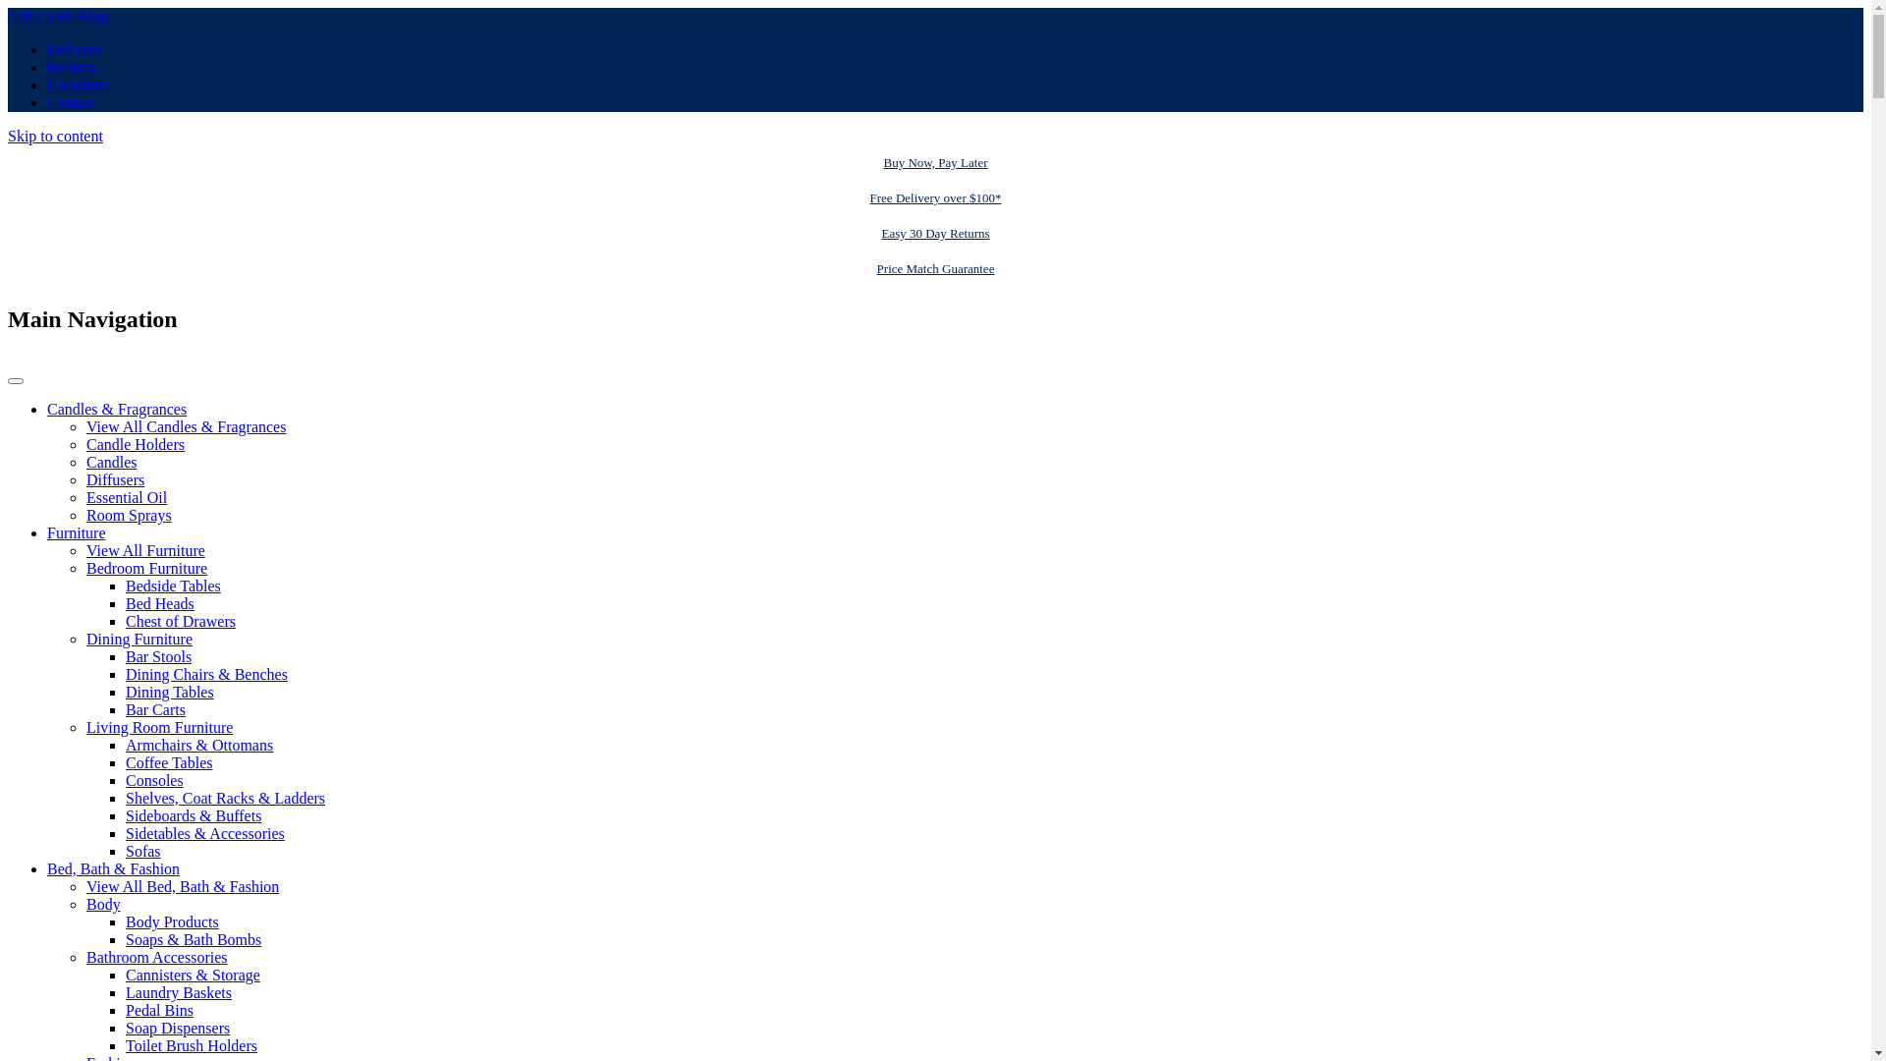 This screenshot has width=1886, height=1061. What do you see at coordinates (71, 66) in the screenshot?
I see `'Returns'` at bounding box center [71, 66].